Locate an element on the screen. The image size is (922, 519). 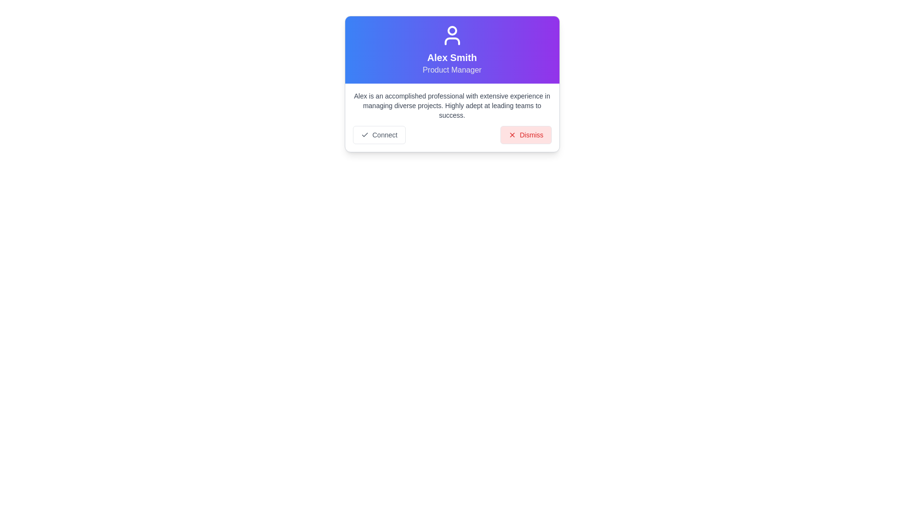
the checkmark icon located inside the 'Connect' button on the user profile card is located at coordinates (364, 135).